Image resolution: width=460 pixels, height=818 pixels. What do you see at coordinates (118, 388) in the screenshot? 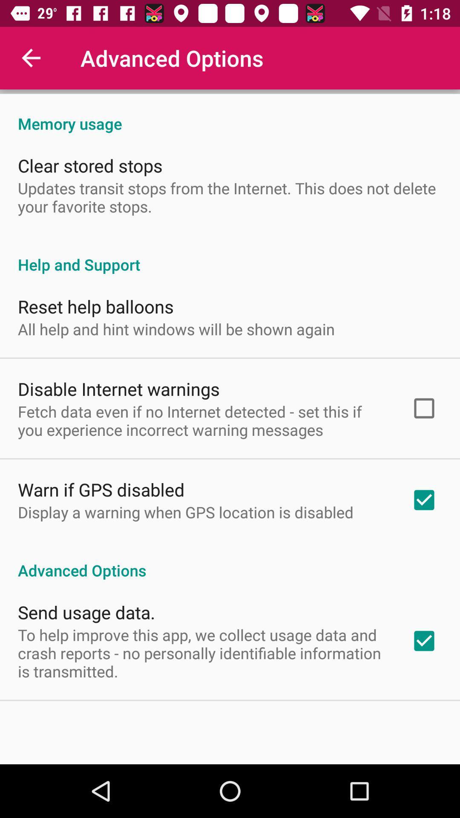
I see `the item below all help and icon` at bounding box center [118, 388].